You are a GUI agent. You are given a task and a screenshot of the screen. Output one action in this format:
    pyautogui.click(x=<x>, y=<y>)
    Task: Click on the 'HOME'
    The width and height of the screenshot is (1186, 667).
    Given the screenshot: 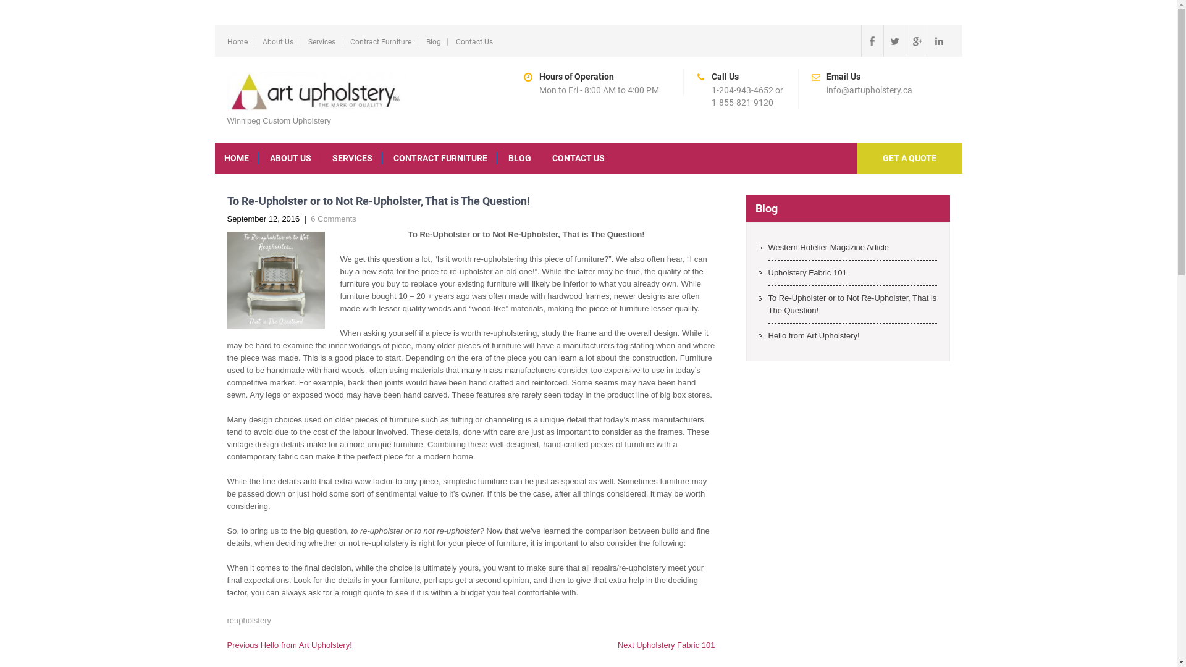 What is the action you would take?
    pyautogui.click(x=237, y=157)
    